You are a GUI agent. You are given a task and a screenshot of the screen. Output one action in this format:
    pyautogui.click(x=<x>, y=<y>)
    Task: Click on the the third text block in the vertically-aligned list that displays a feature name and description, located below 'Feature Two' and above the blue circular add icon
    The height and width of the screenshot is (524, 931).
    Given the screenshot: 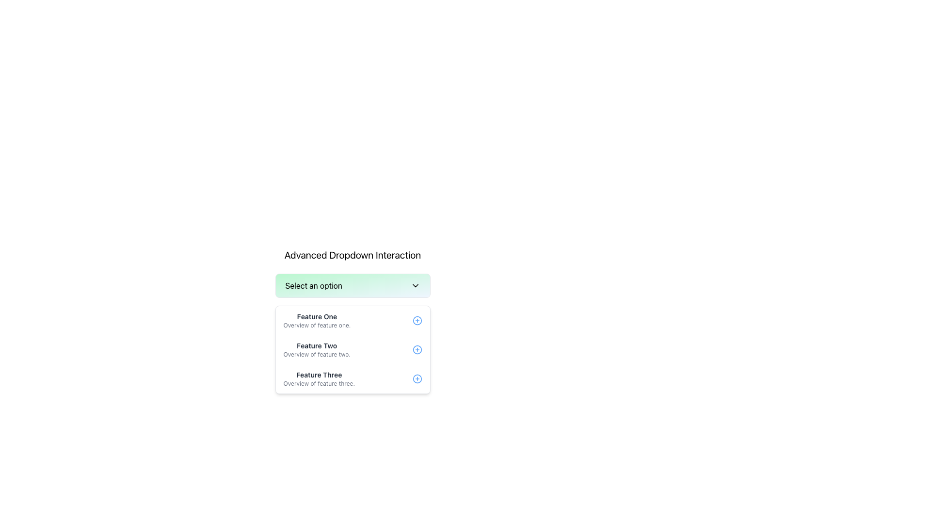 What is the action you would take?
    pyautogui.click(x=319, y=378)
    